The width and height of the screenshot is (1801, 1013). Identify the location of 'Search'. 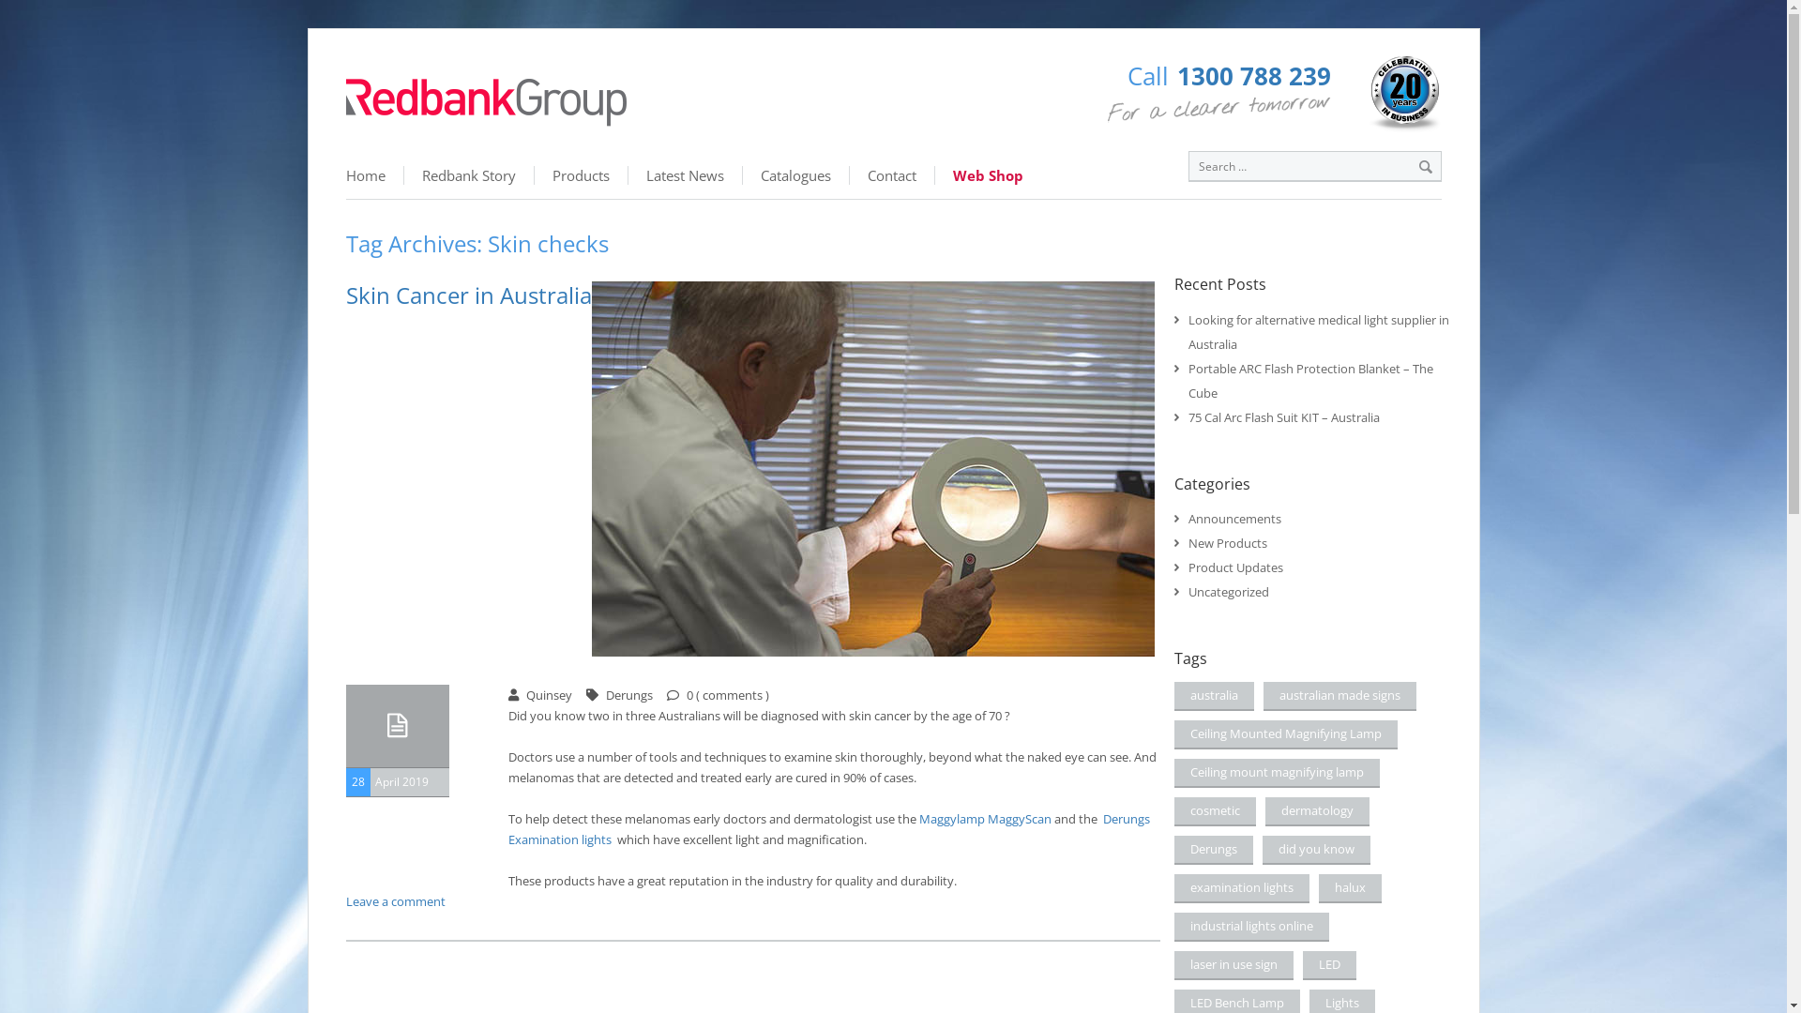
(1424, 165).